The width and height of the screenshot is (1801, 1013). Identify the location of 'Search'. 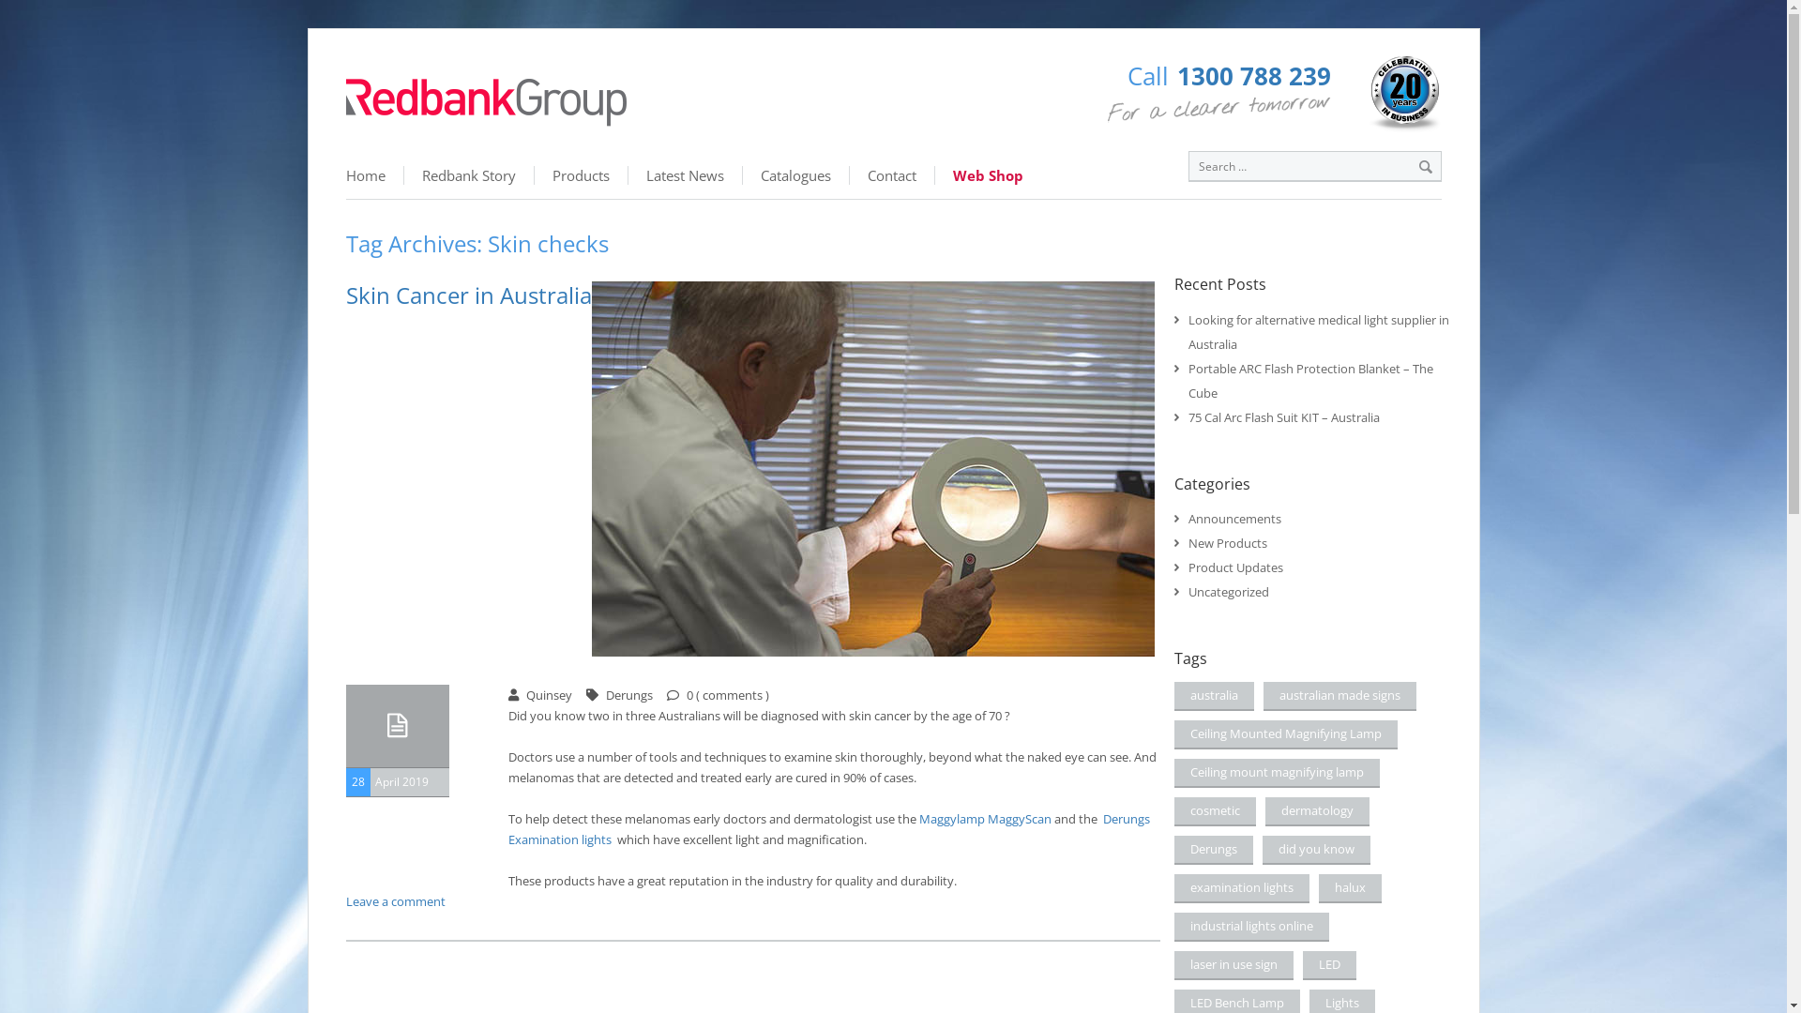
(1424, 165).